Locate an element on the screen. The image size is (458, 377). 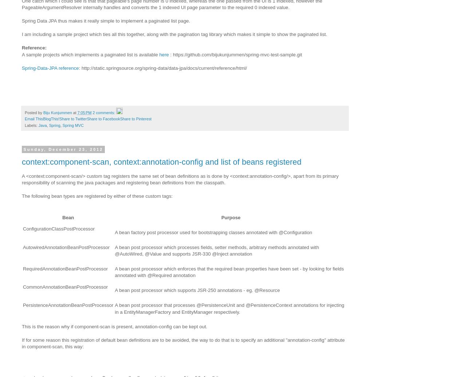
'PersistenceAnnotationBeanPostProcessor' is located at coordinates (68, 305).